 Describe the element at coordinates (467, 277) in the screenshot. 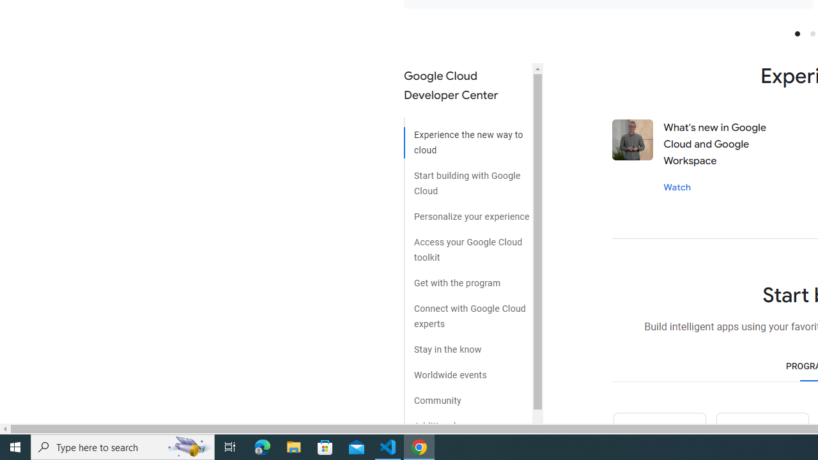

I see `'Get with the program'` at that location.